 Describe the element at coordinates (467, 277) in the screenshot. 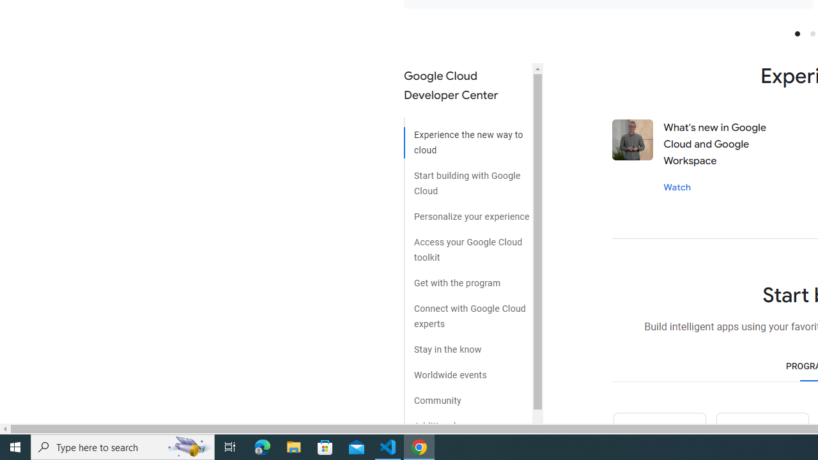

I see `'Get with the program'` at that location.